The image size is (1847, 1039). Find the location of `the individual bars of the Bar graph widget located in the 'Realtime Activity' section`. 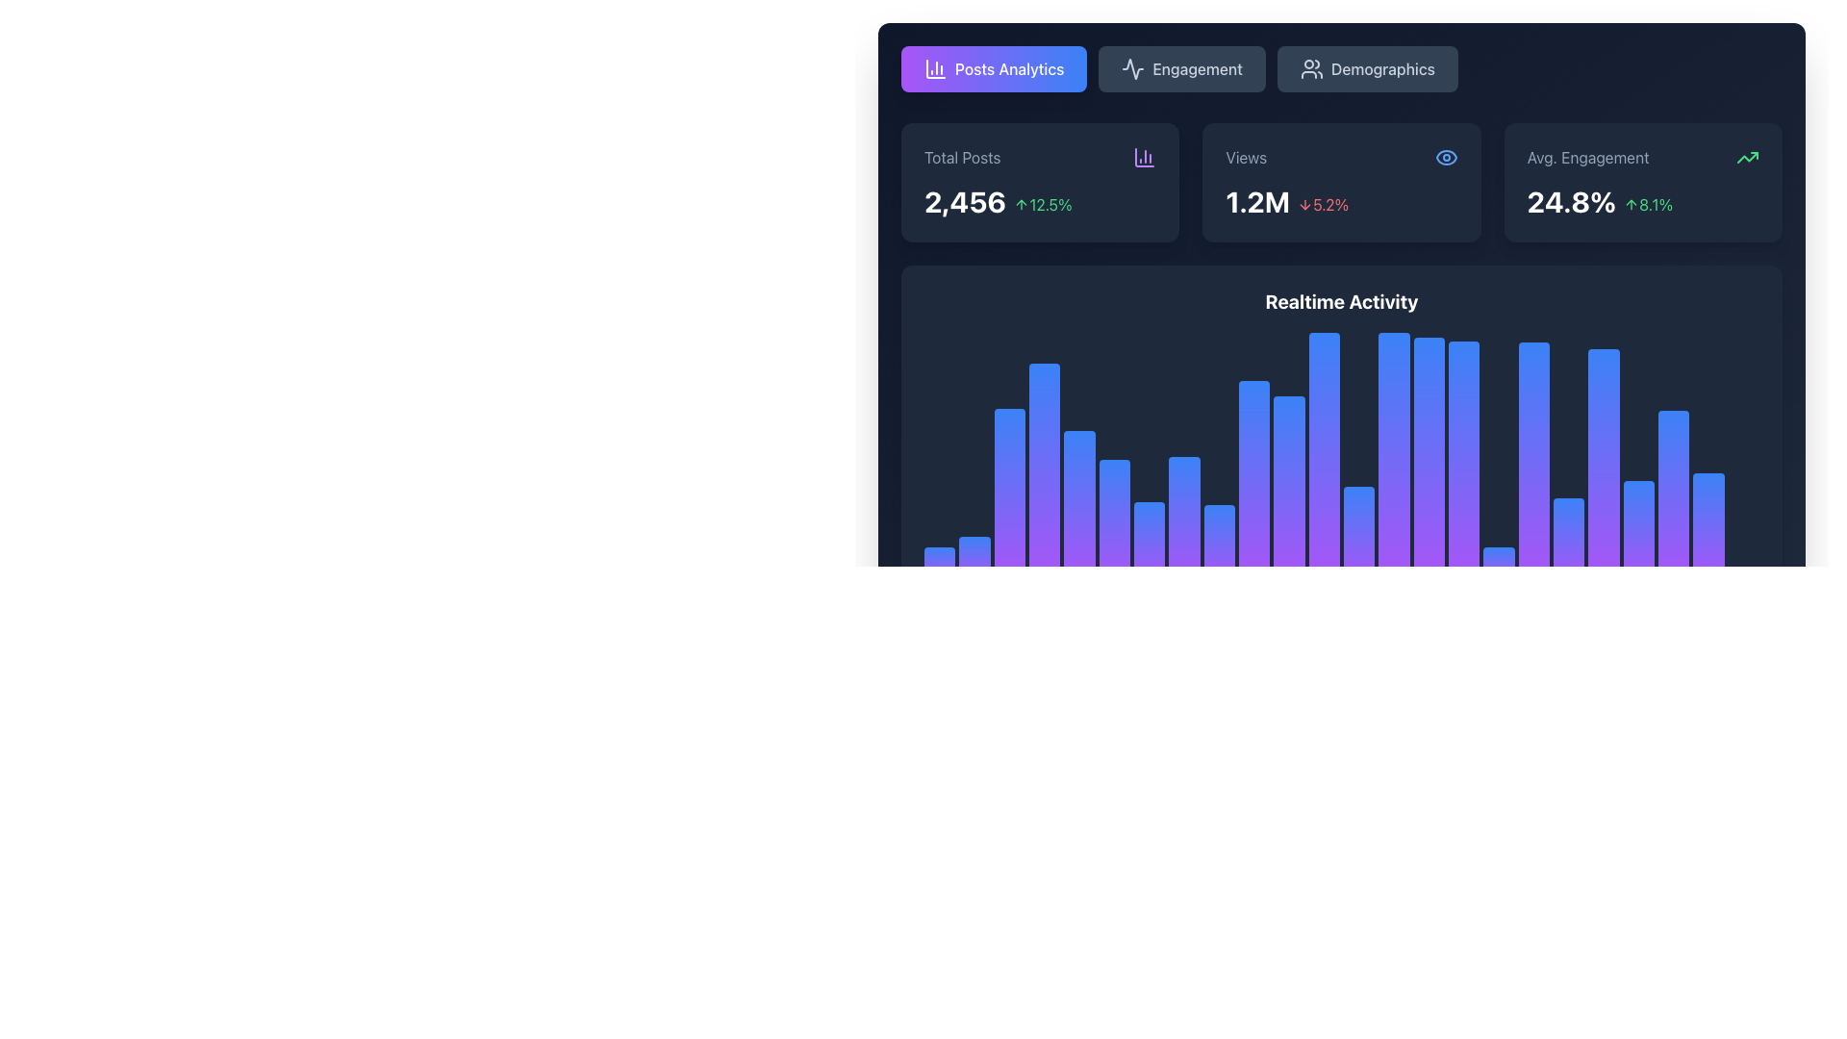

the individual bars of the Bar graph widget located in the 'Realtime Activity' section is located at coordinates (1341, 453).